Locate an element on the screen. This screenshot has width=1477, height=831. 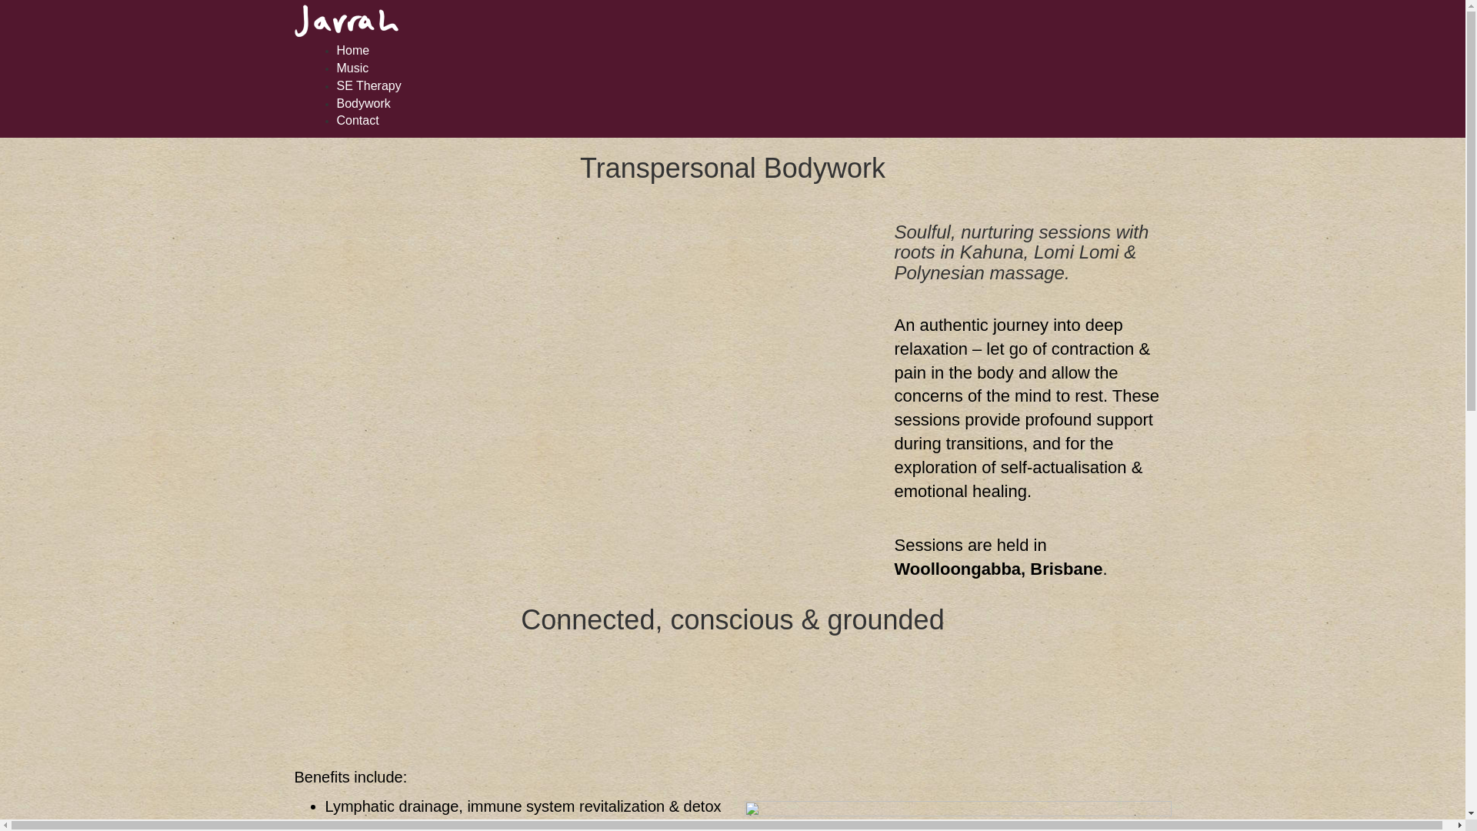
'Bodywork' is located at coordinates (363, 103).